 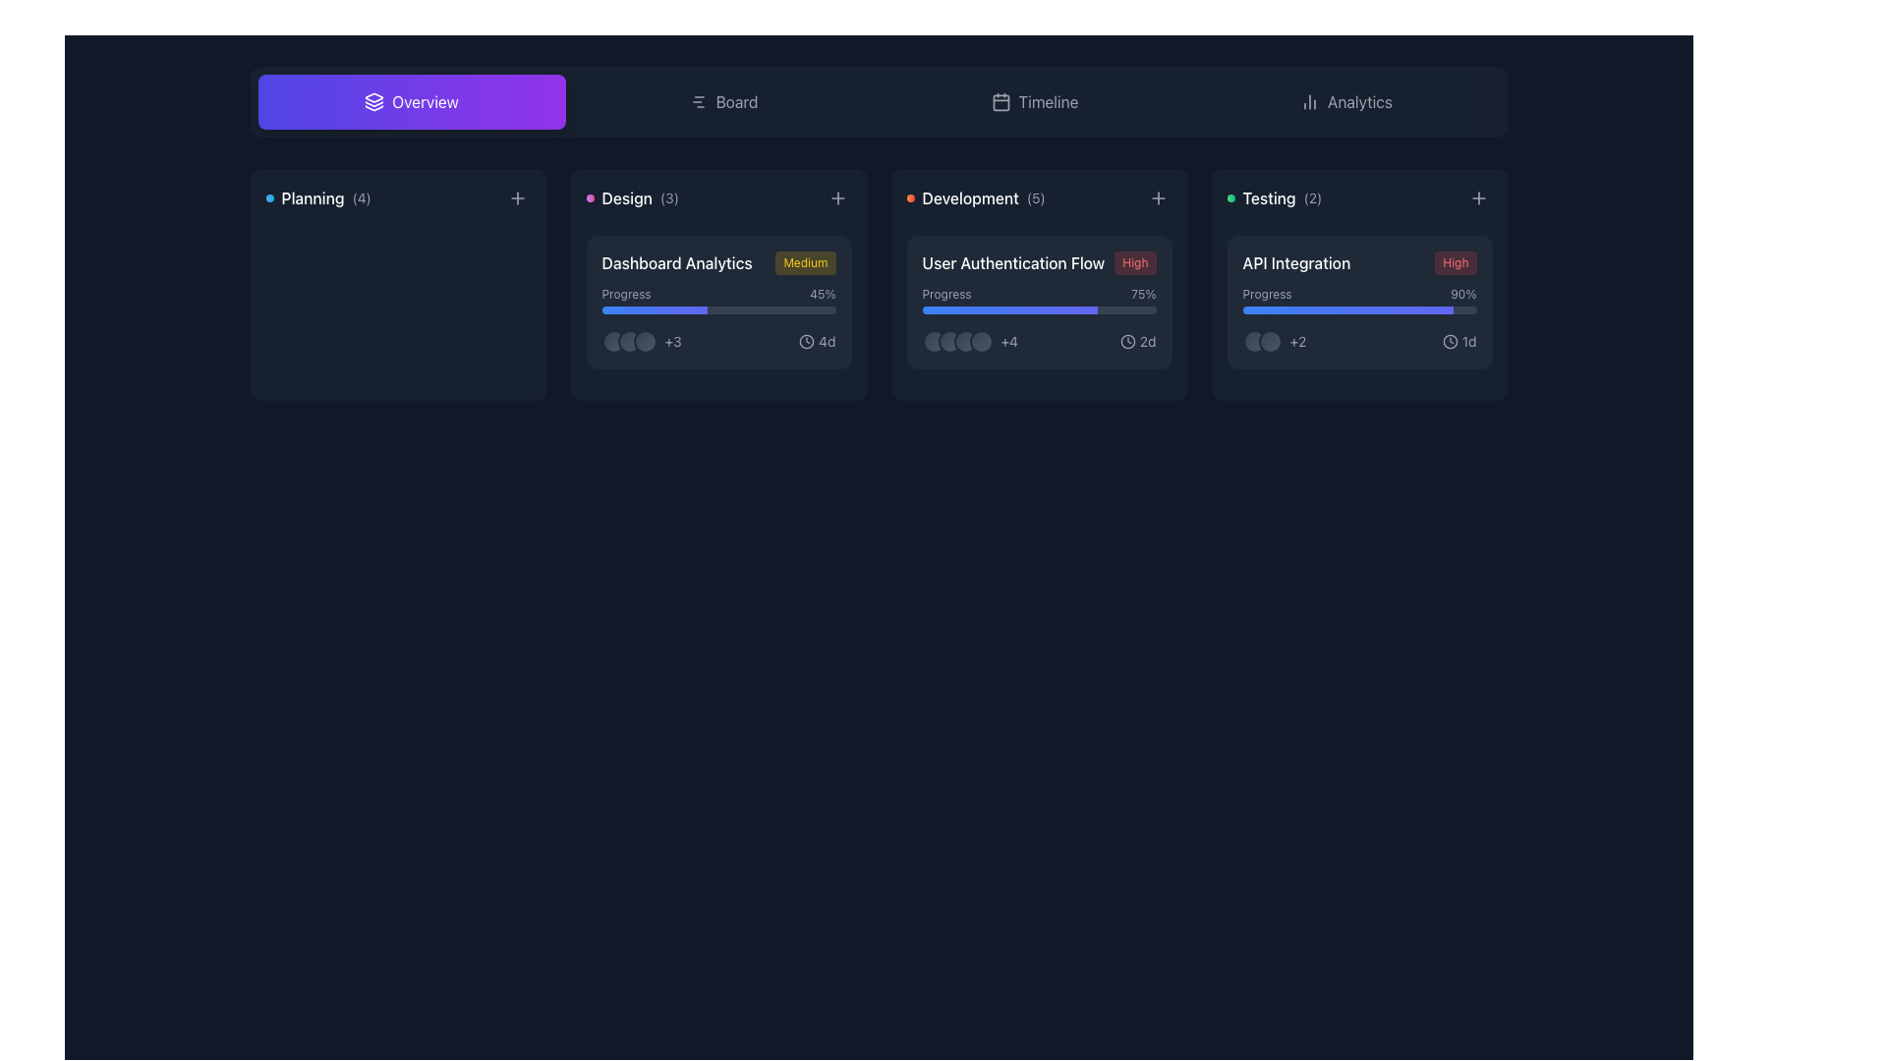 What do you see at coordinates (807, 340) in the screenshot?
I see `the graphical representation of the clock icon (circle) located at the bottom-right corner of the 'Dashboard Analytics' card in the 'Design' category section` at bounding box center [807, 340].